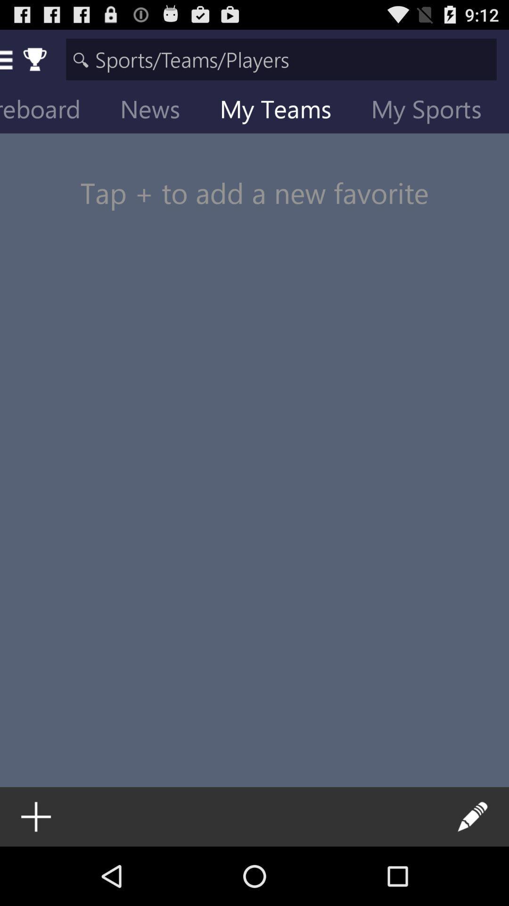 The height and width of the screenshot is (906, 509). What do you see at coordinates (54, 111) in the screenshot?
I see `the icon to the left of the news item` at bounding box center [54, 111].